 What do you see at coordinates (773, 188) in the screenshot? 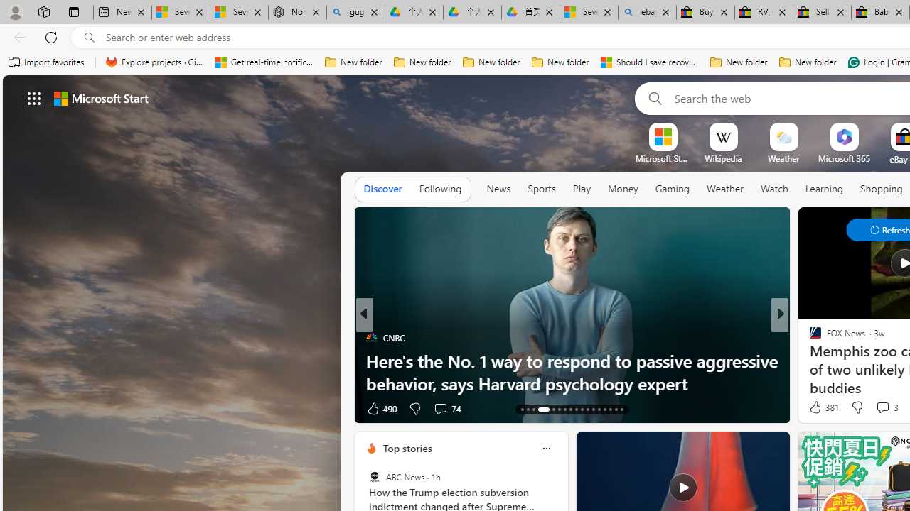
I see `'Watch'` at bounding box center [773, 188].